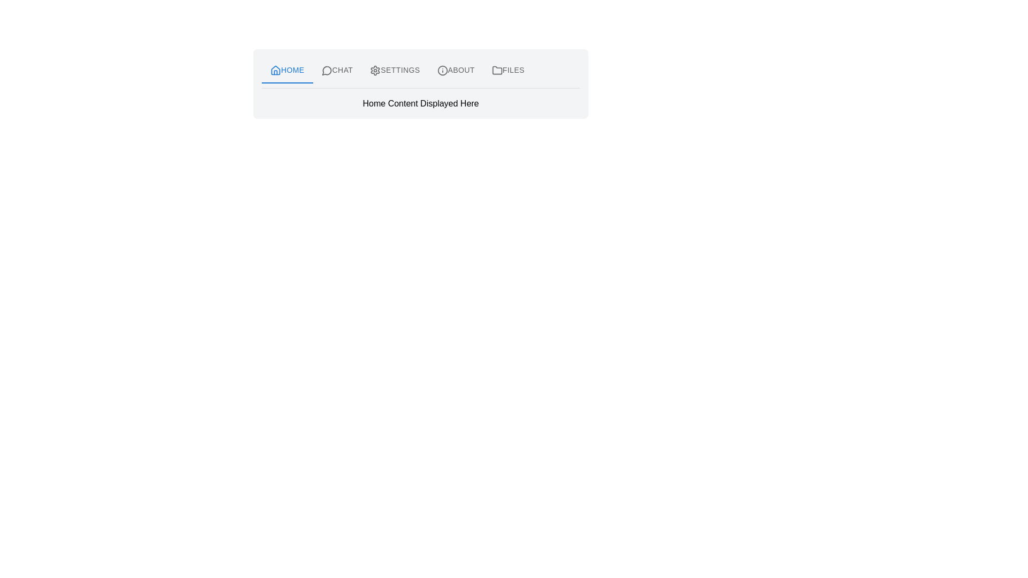 This screenshot has height=578, width=1028. I want to click on the navigation bar with tab items located at the top center of the interface by clicking on it for accessibility navigation, so click(420, 70).